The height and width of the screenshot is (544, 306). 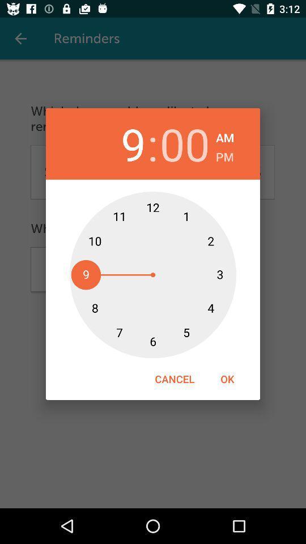 I want to click on the pm, so click(x=224, y=155).